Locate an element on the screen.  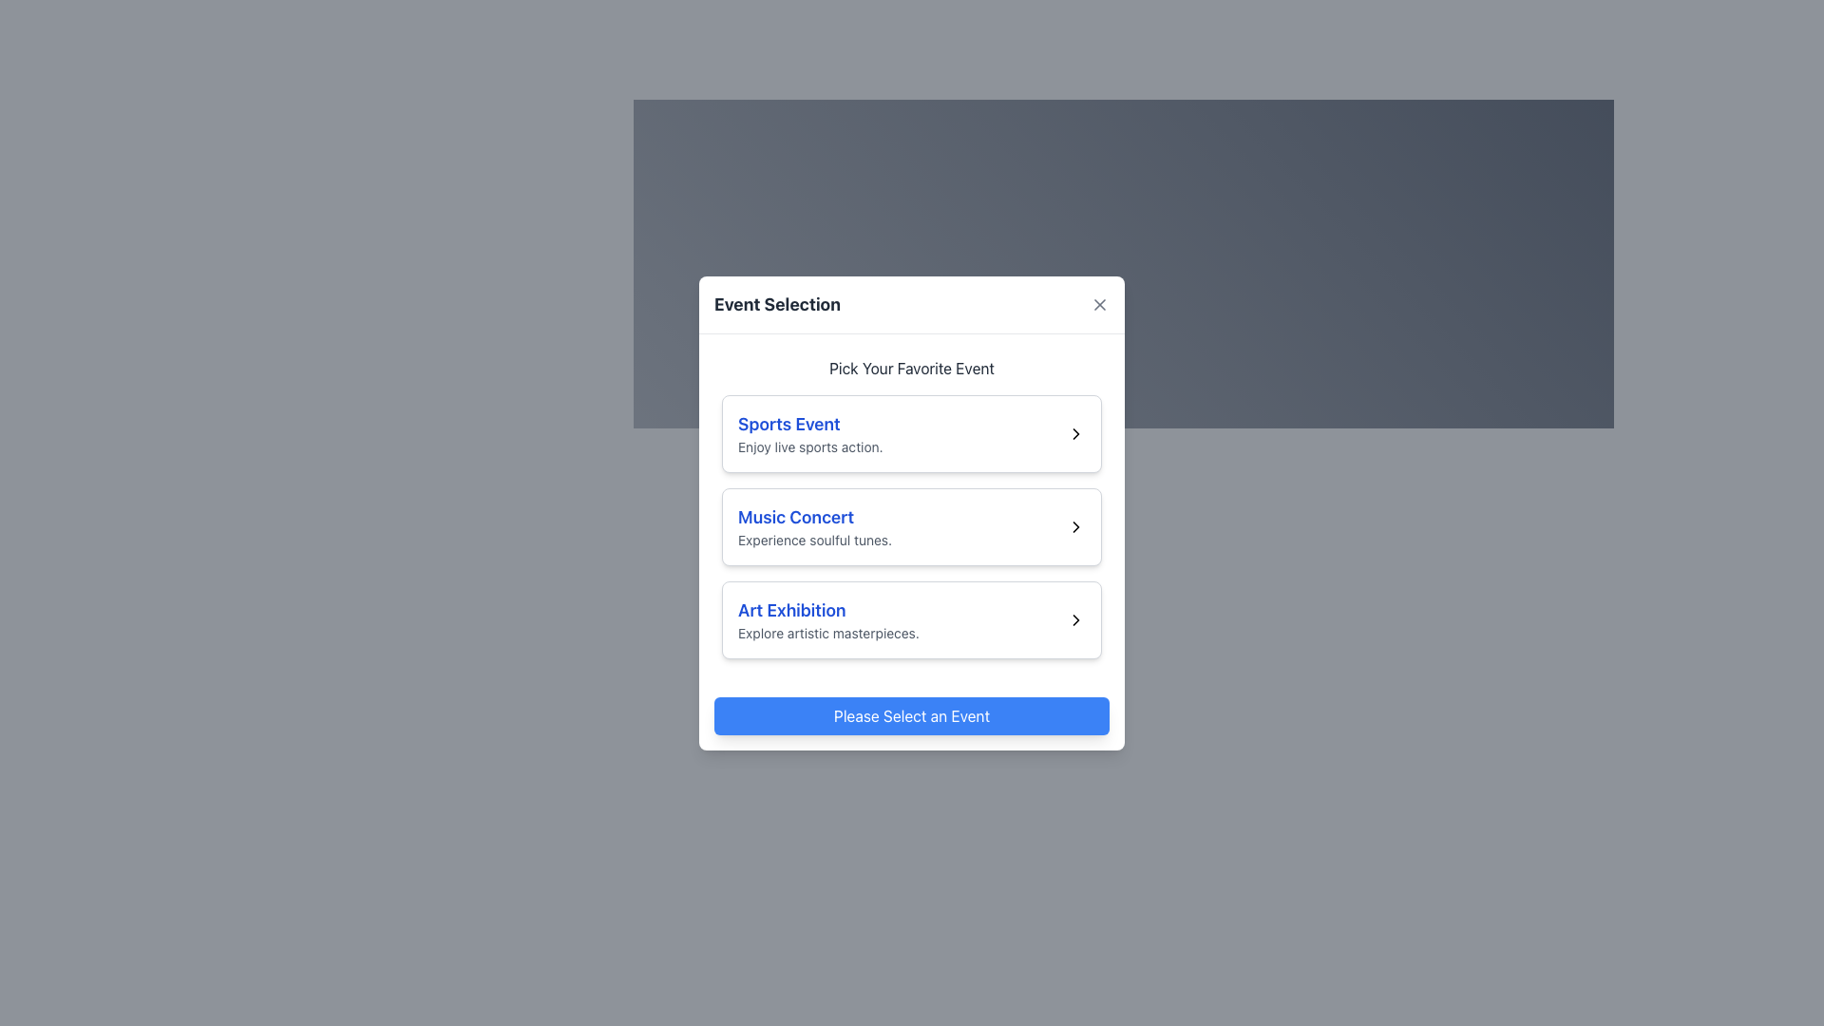
the chevron icon located at the far right end of the 'Music Concert' list item is located at coordinates (1075, 526).